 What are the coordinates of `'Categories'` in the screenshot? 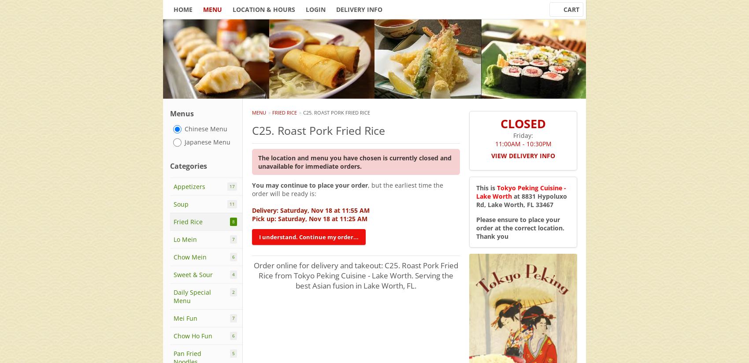 It's located at (189, 165).